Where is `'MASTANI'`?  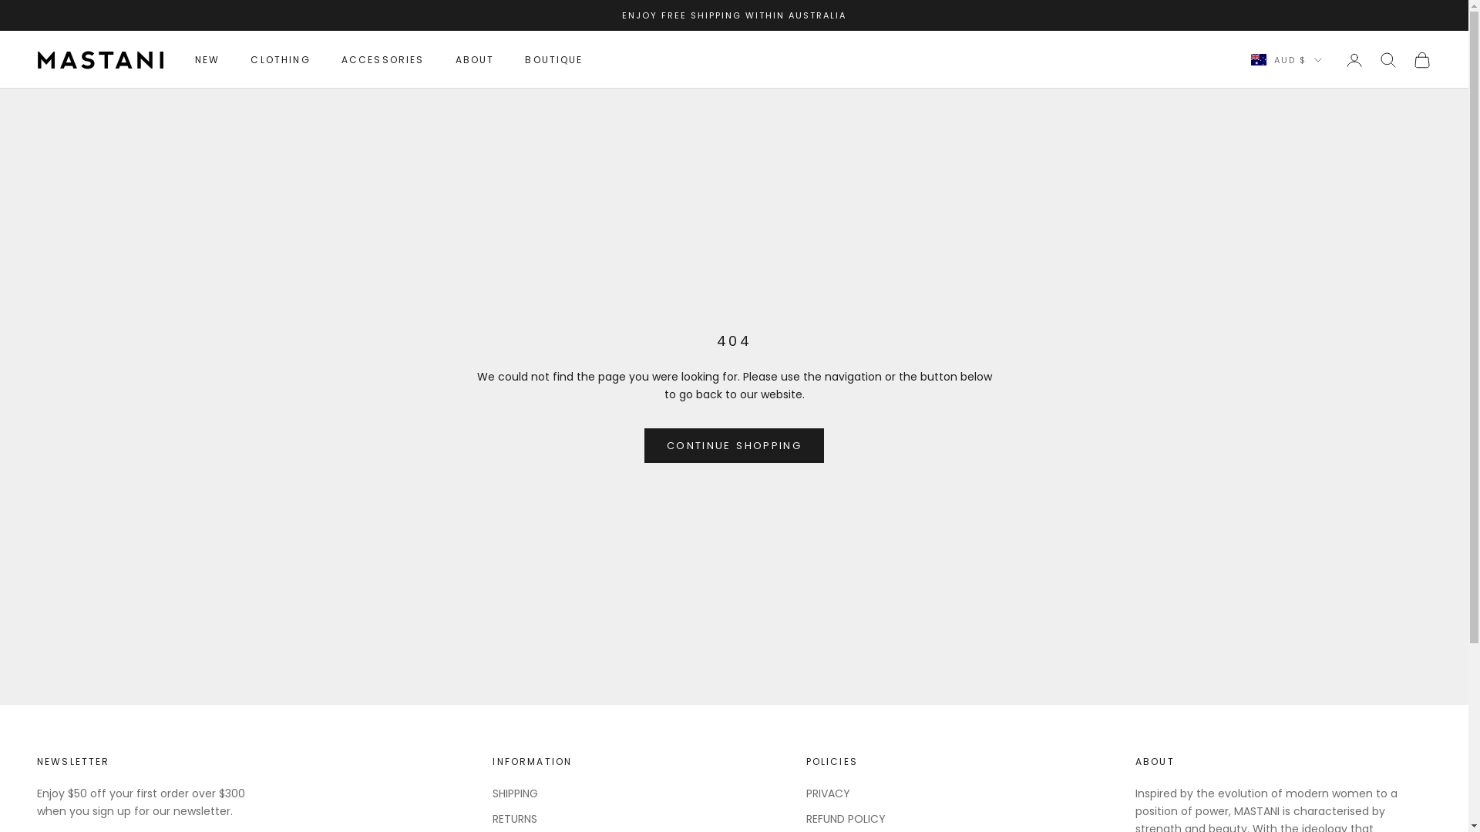
'MASTANI' is located at coordinates (99, 59).